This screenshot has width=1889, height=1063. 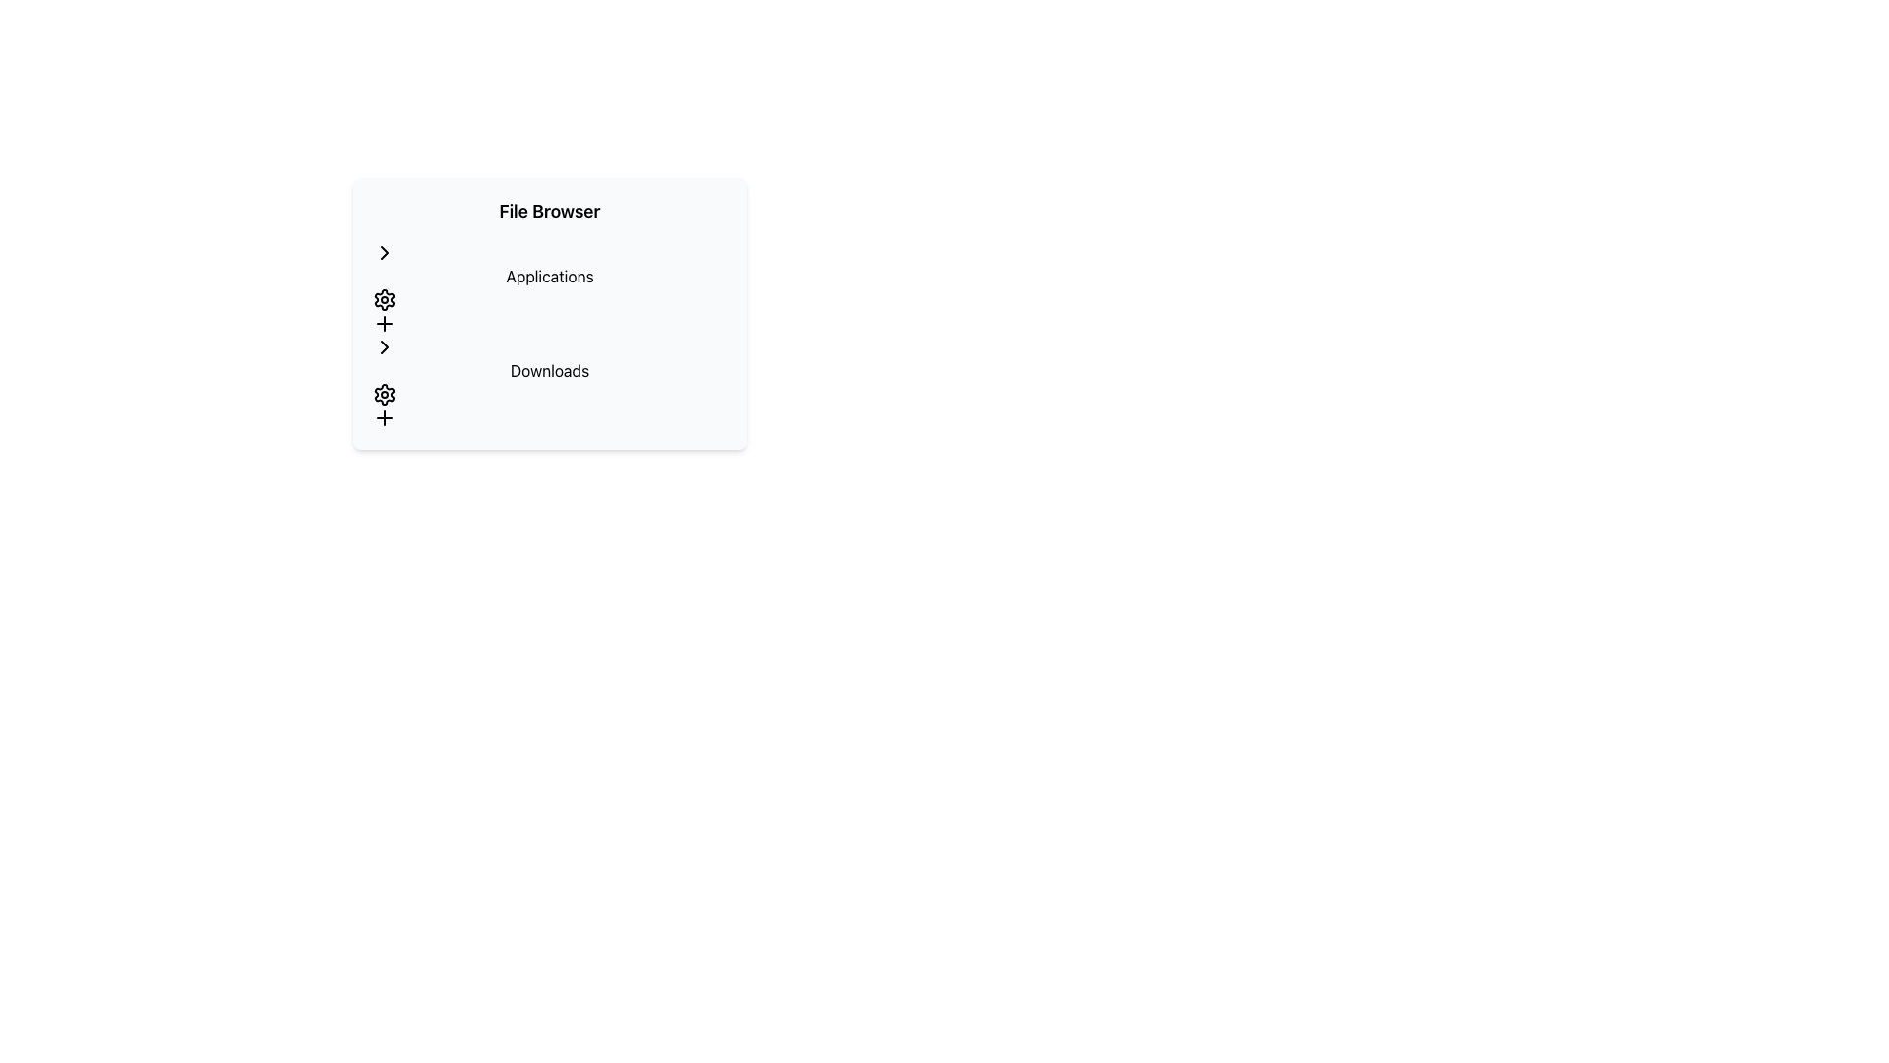 What do you see at coordinates (384, 252) in the screenshot?
I see `the collapsible icon located to the left of the 'Applications' text in the sidebar` at bounding box center [384, 252].